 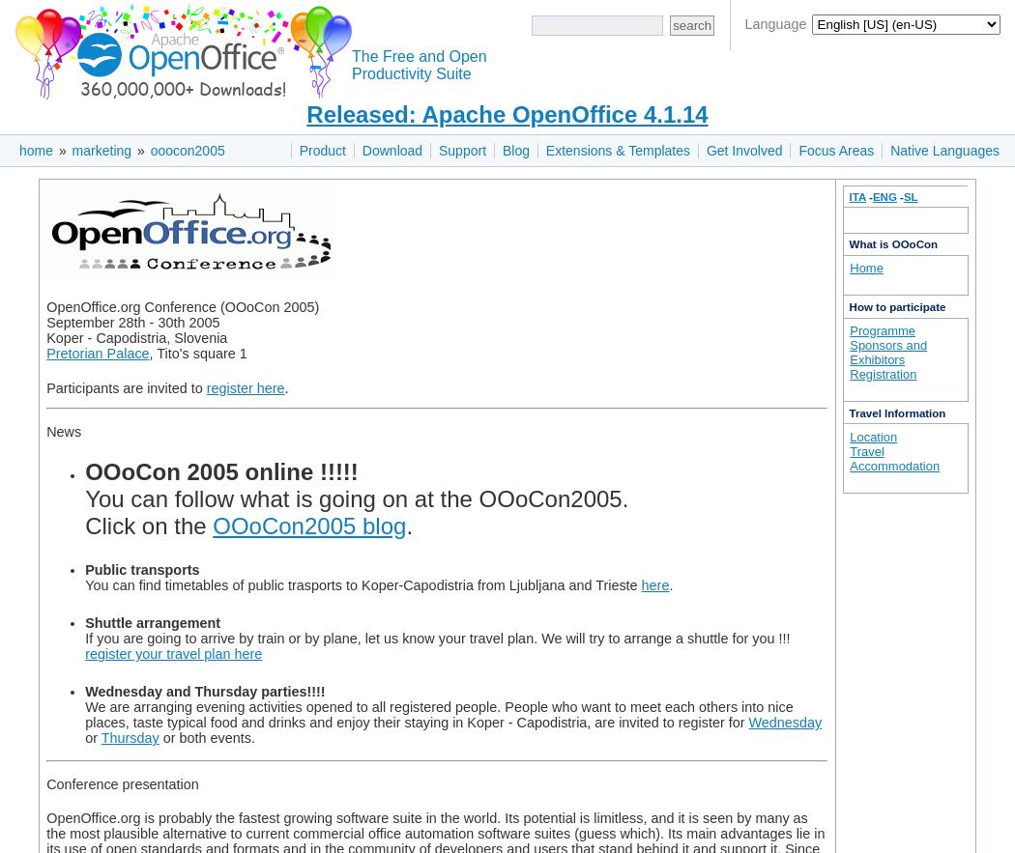 I want to click on 'News', so click(x=44, y=430).